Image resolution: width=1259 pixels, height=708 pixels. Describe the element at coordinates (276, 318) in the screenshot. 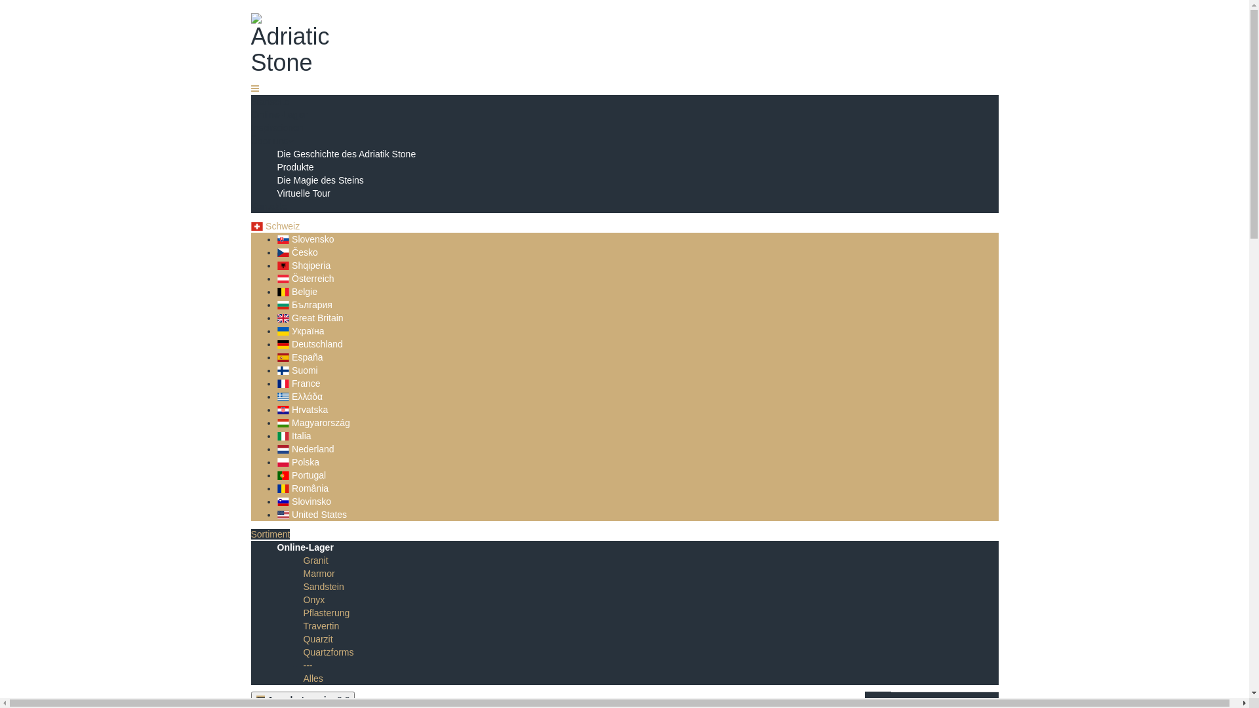

I see `' Great Britain'` at that location.